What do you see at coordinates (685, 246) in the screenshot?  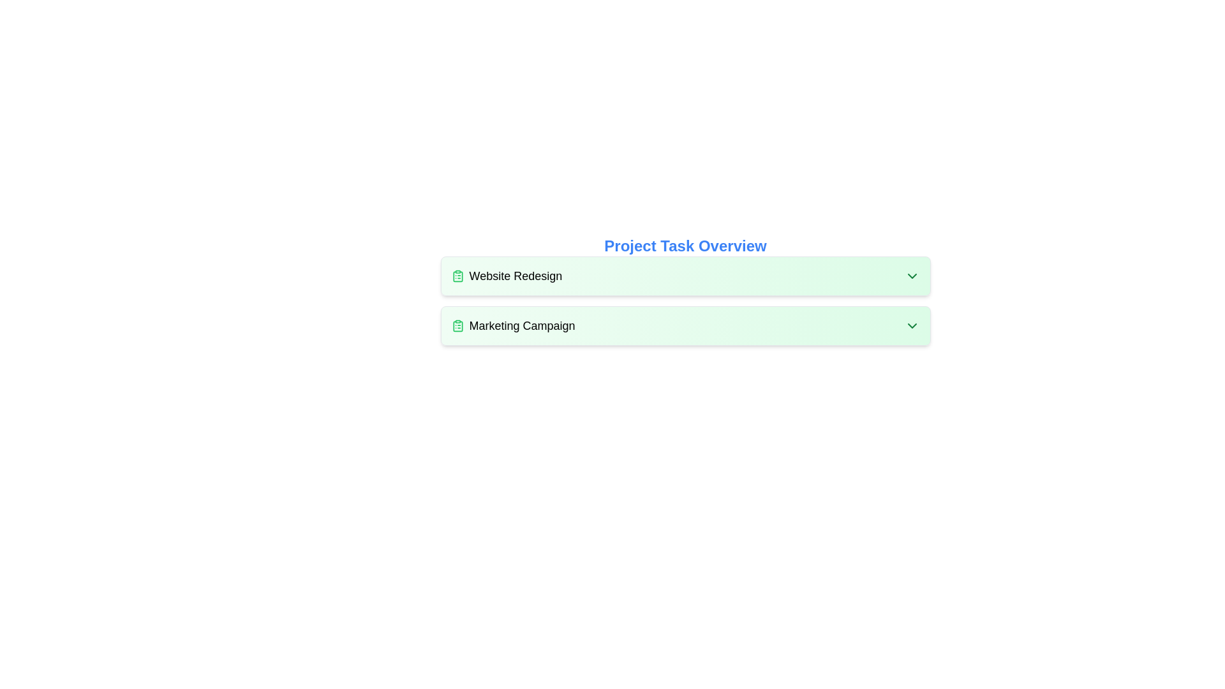 I see `the Text Header element that serves as the title for the content below, providing context for the section` at bounding box center [685, 246].